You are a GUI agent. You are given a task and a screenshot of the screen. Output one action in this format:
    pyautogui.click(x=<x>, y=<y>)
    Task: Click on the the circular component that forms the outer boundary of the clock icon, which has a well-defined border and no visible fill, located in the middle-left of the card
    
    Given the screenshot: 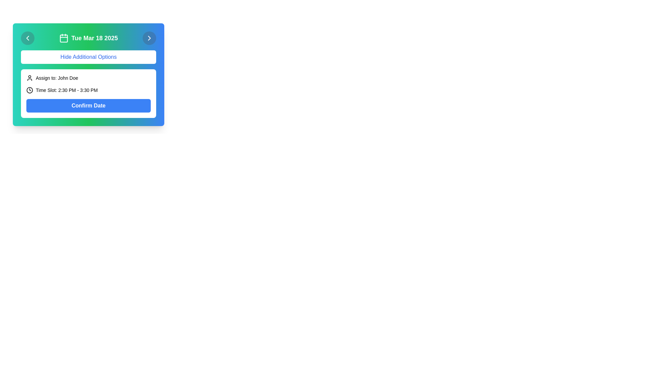 What is the action you would take?
    pyautogui.click(x=29, y=90)
    